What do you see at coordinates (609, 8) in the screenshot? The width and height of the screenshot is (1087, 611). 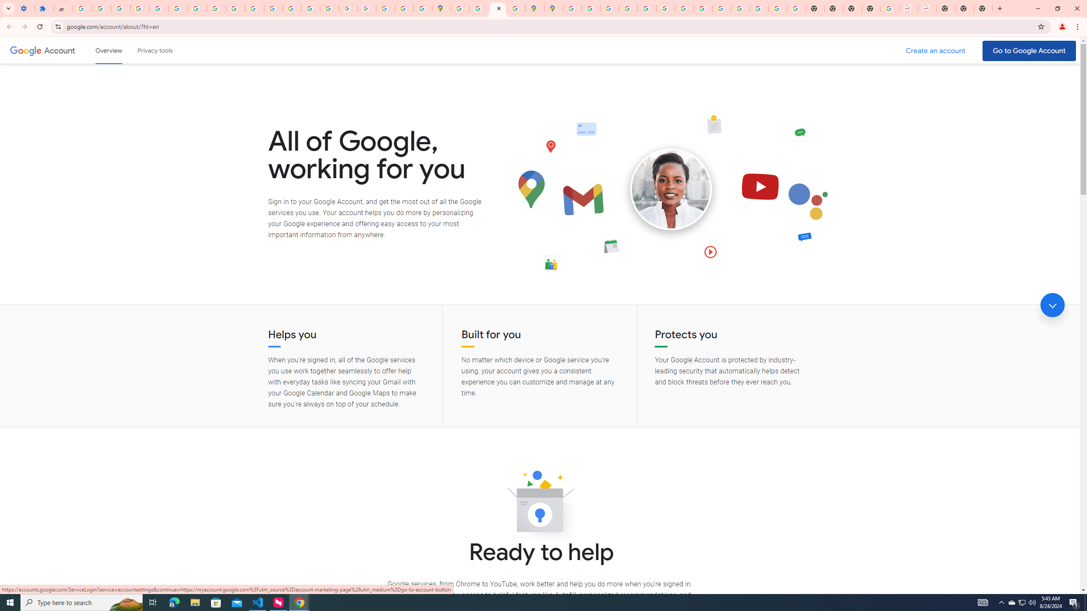 I see `'Privacy Help Center - Policies Help'` at bounding box center [609, 8].